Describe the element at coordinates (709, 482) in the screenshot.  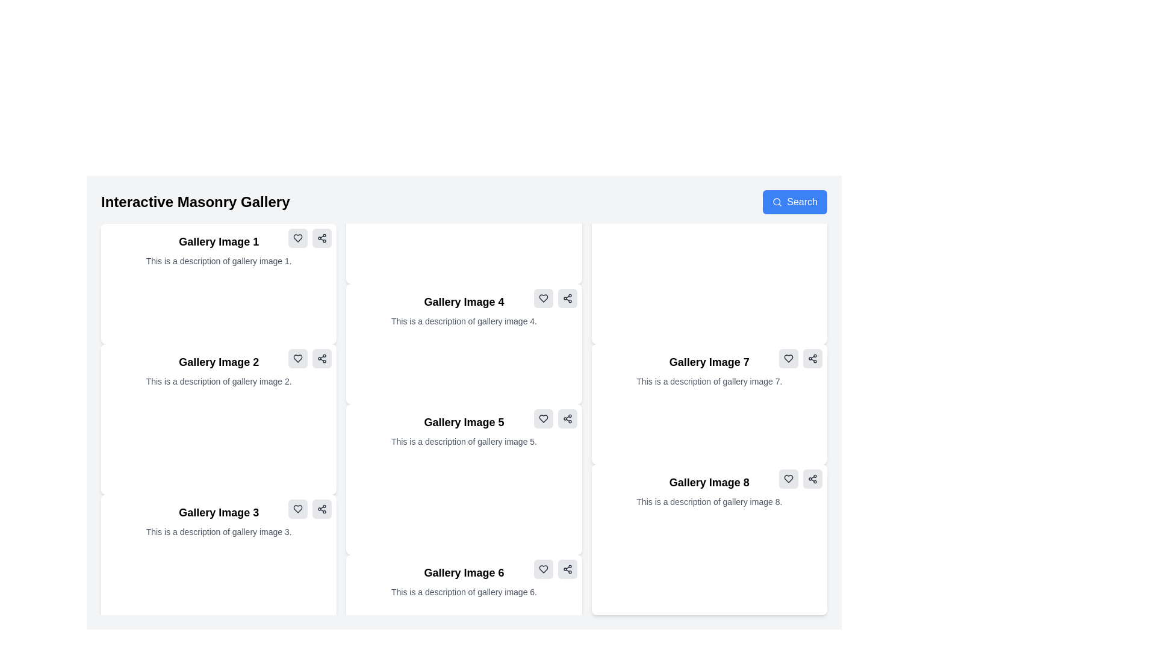
I see `text label displaying 'Gallery Image 8' which is positioned above the description in the bottom-right card of the gallery grid` at that location.